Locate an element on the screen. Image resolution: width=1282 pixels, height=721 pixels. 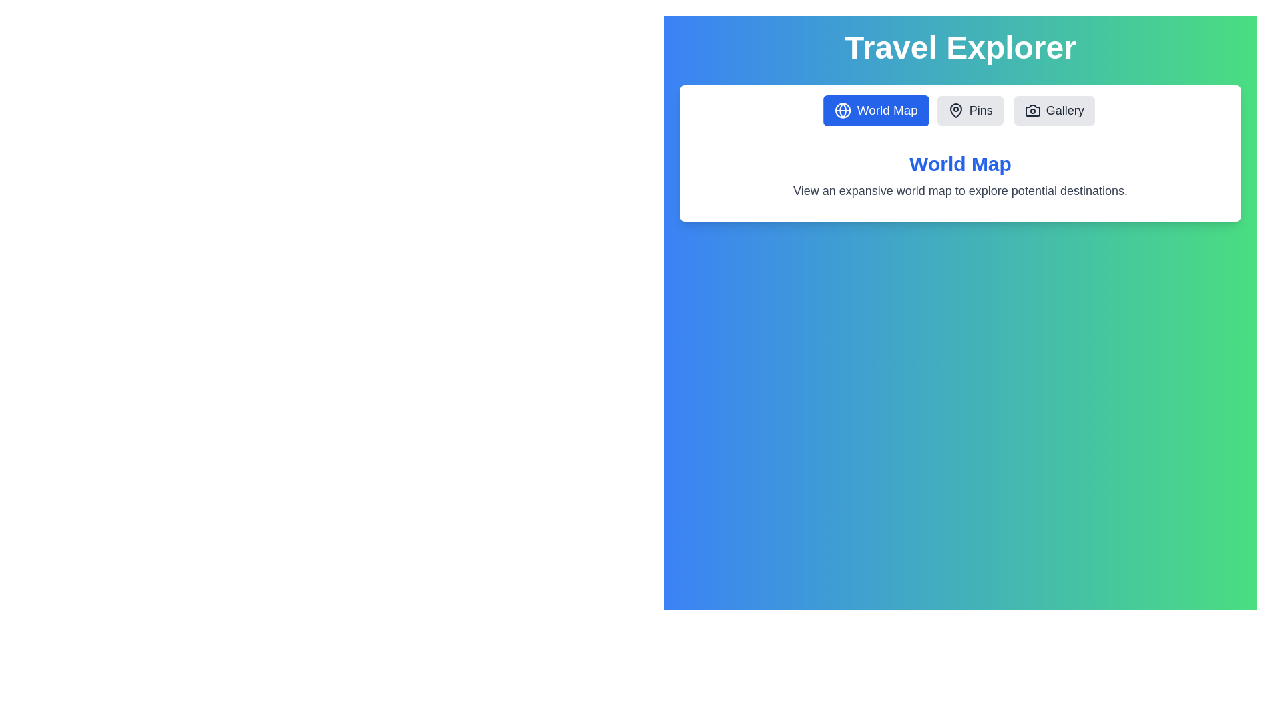
the tab labeled World Map is located at coordinates (875, 109).